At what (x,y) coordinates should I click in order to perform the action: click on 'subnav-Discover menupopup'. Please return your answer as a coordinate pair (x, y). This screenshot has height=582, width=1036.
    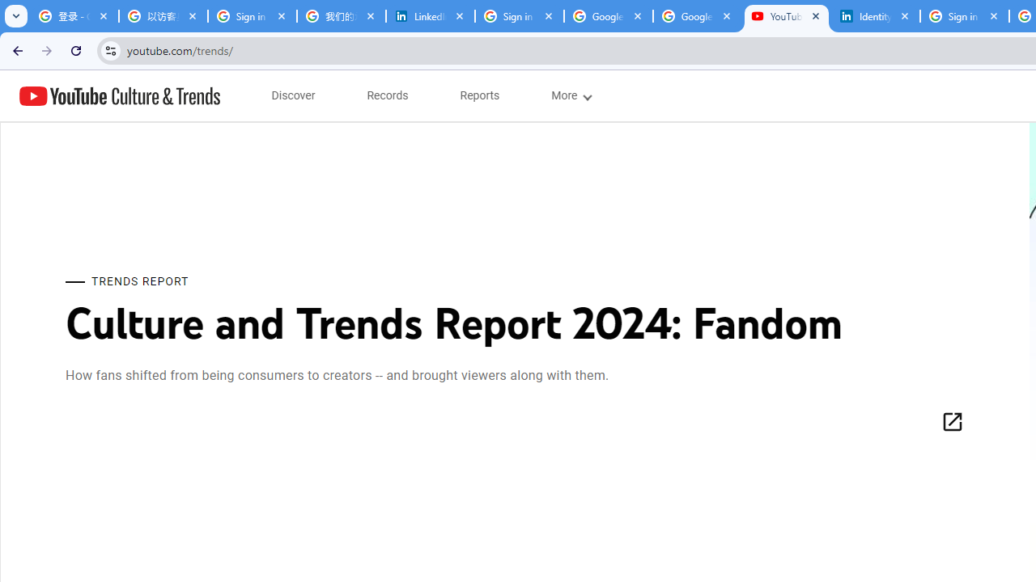
    Looking at the image, I should click on (293, 95).